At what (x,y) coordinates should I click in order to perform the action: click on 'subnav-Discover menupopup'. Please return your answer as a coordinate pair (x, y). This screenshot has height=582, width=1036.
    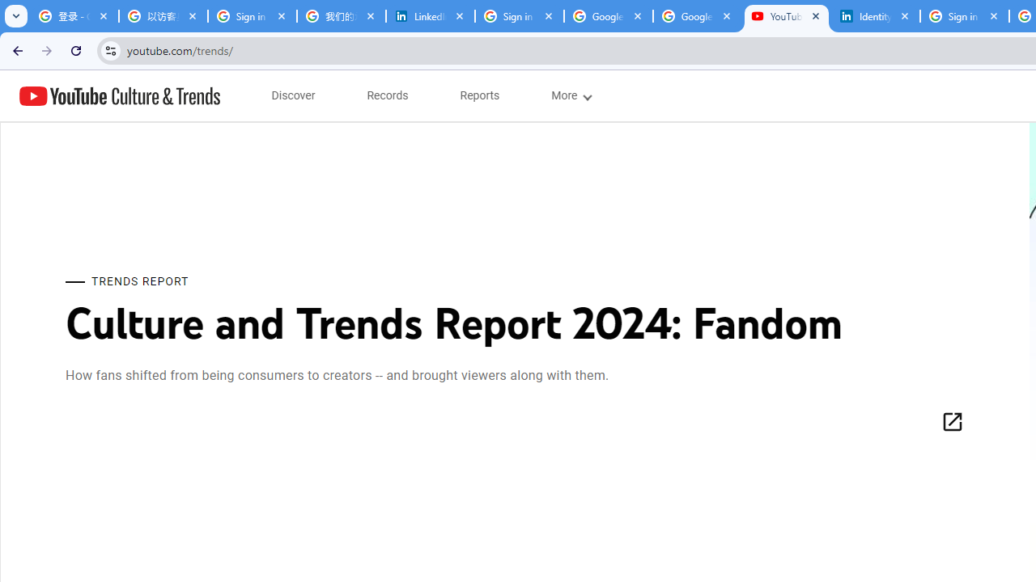
    Looking at the image, I should click on (293, 95).